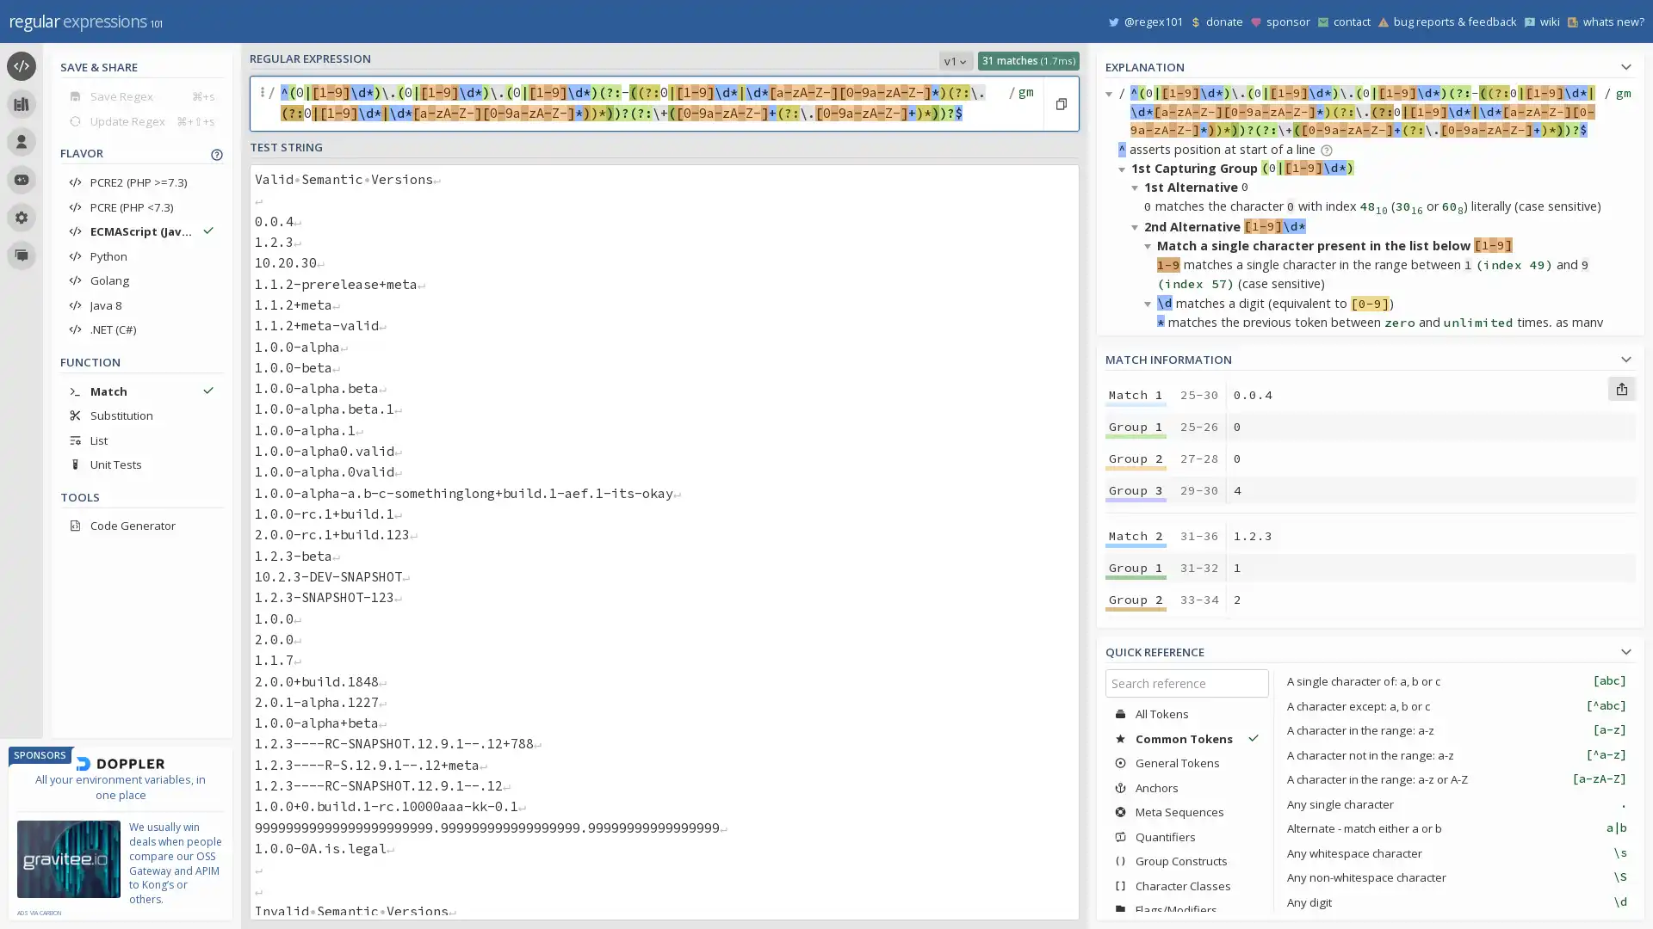 The image size is (1653, 929). Describe the element at coordinates (141, 95) in the screenshot. I see `Save Regex +s` at that location.